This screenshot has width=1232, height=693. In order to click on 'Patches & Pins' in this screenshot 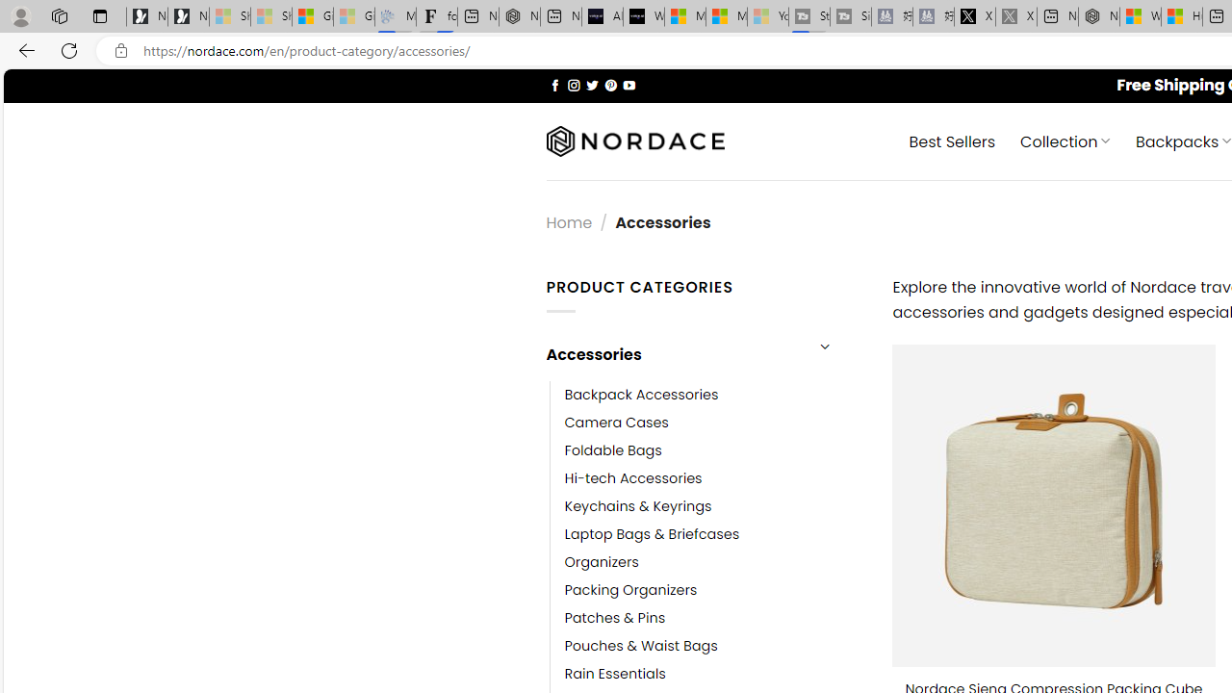, I will do `click(614, 618)`.